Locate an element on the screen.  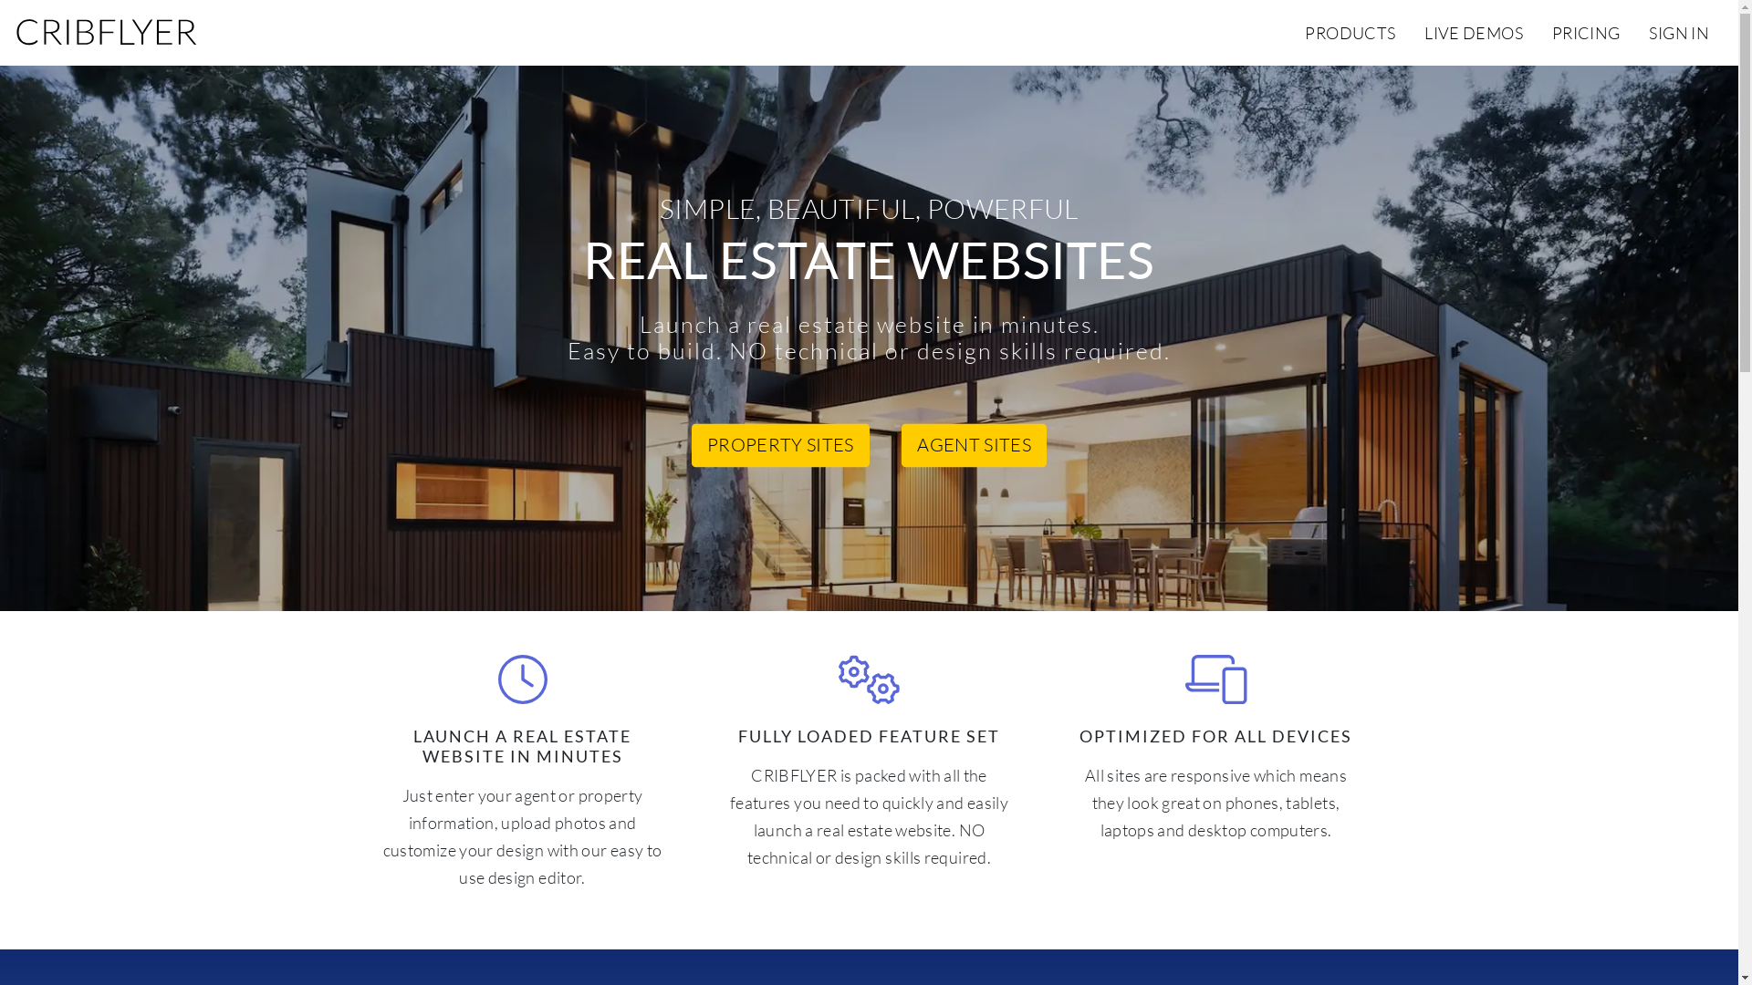
'PROPERTY SITES' is located at coordinates (691, 446).